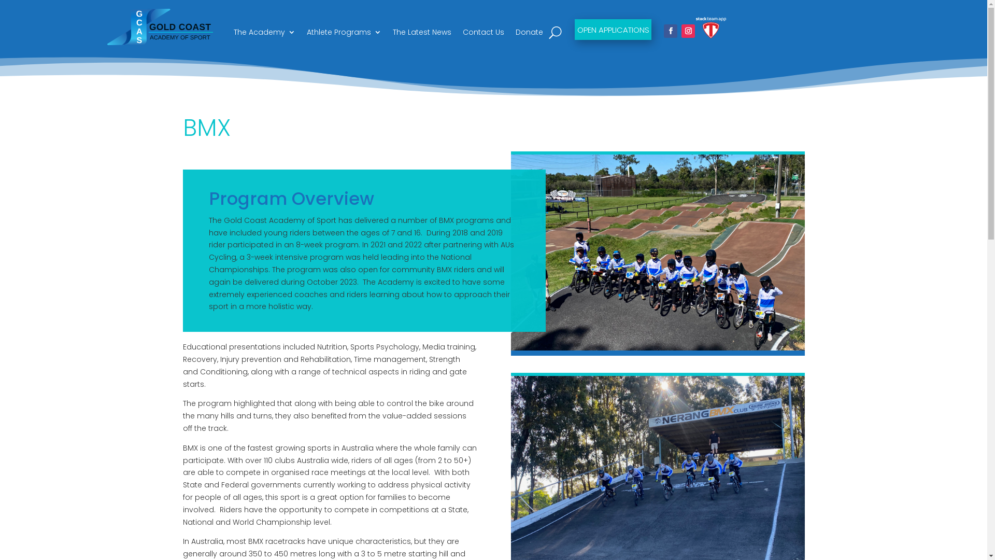 The image size is (995, 560). Describe the element at coordinates (671, 31) in the screenshot. I see `'Follow on Facebook'` at that location.